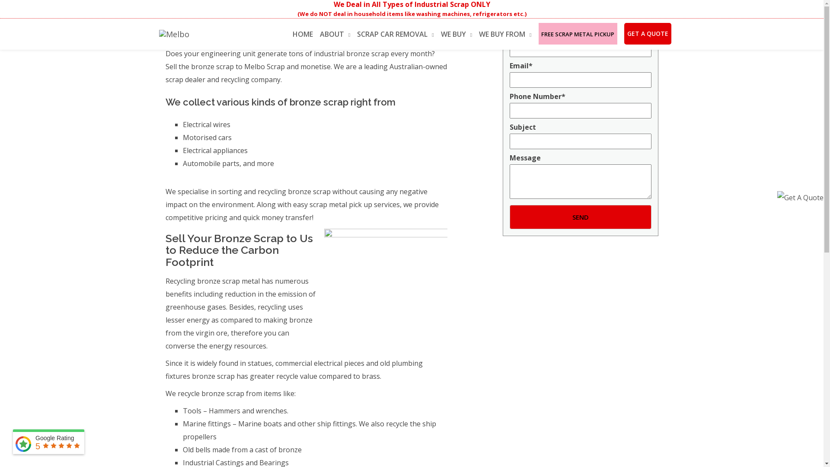 This screenshot has height=467, width=830. I want to click on 'FREE SCRAP METAL PICKUP', so click(578, 32).